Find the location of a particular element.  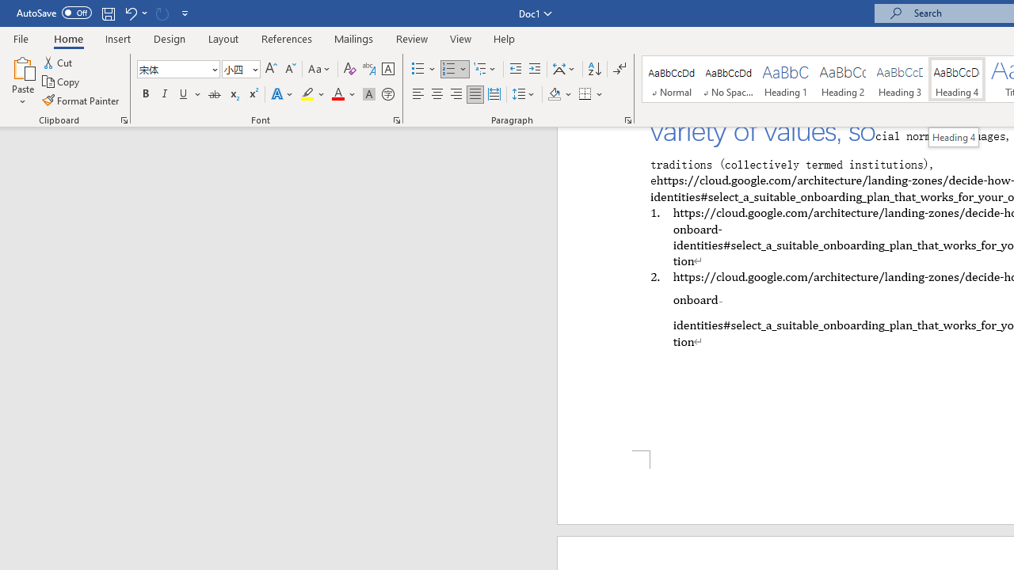

'Undo Apply Quick Style' is located at coordinates (135, 13).